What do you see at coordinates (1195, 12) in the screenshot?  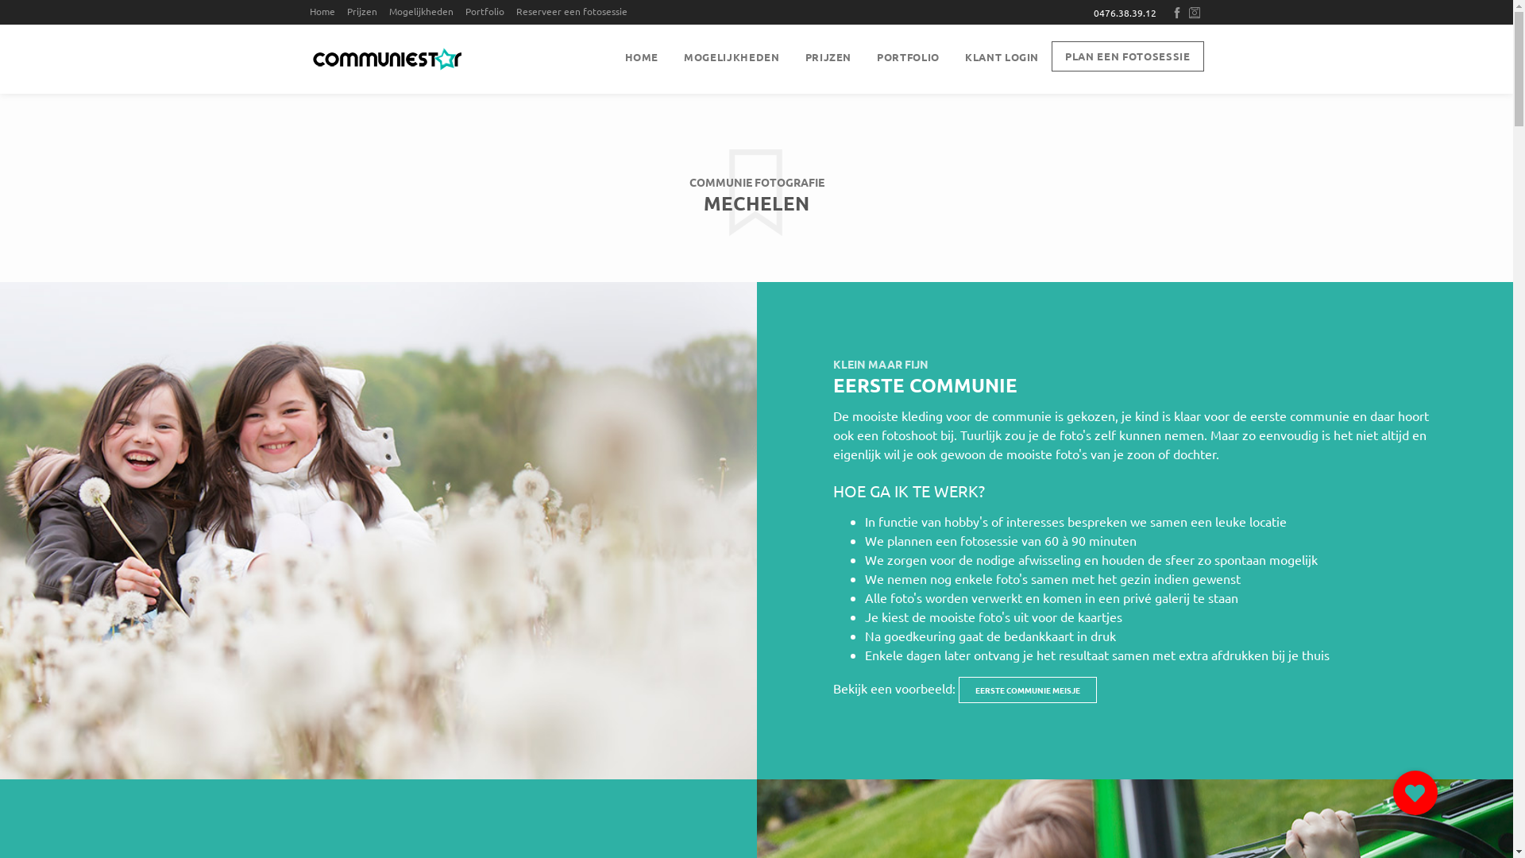 I see `'instagram'` at bounding box center [1195, 12].